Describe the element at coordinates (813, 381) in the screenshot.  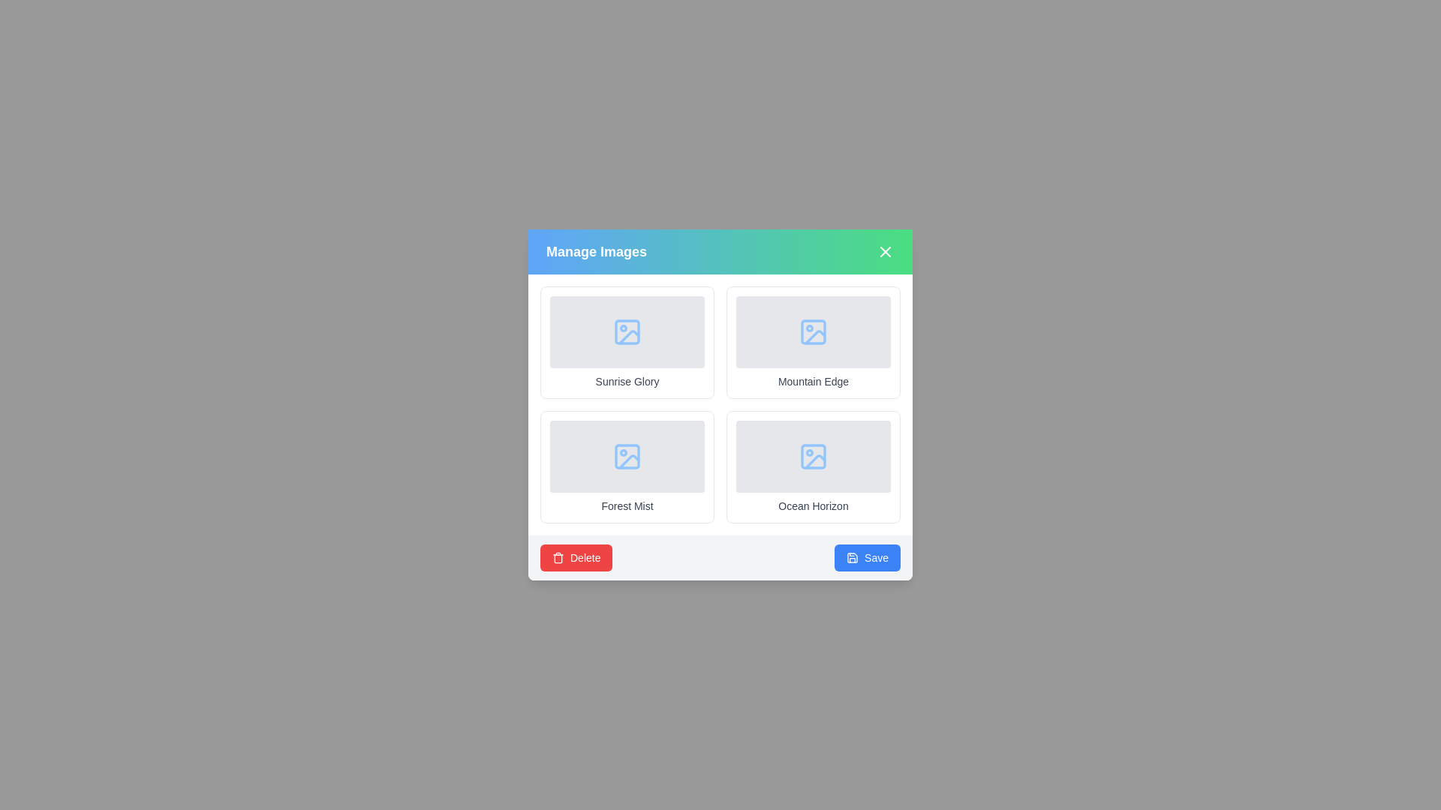
I see `the text label that serves as the title for the second card in the top row of the grid layout, which is positioned to the right of the card labeled 'Sunrise Glory'` at that location.